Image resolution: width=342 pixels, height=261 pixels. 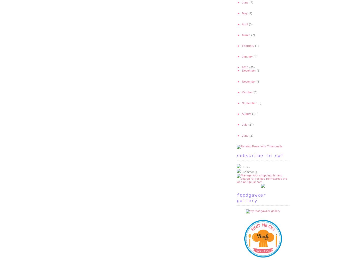 I want to click on 'April', so click(x=245, y=24).